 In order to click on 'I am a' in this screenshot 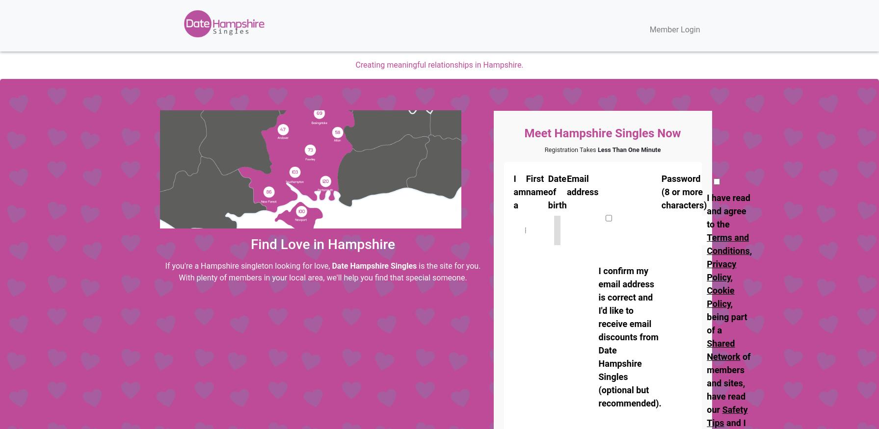, I will do `click(519, 191)`.